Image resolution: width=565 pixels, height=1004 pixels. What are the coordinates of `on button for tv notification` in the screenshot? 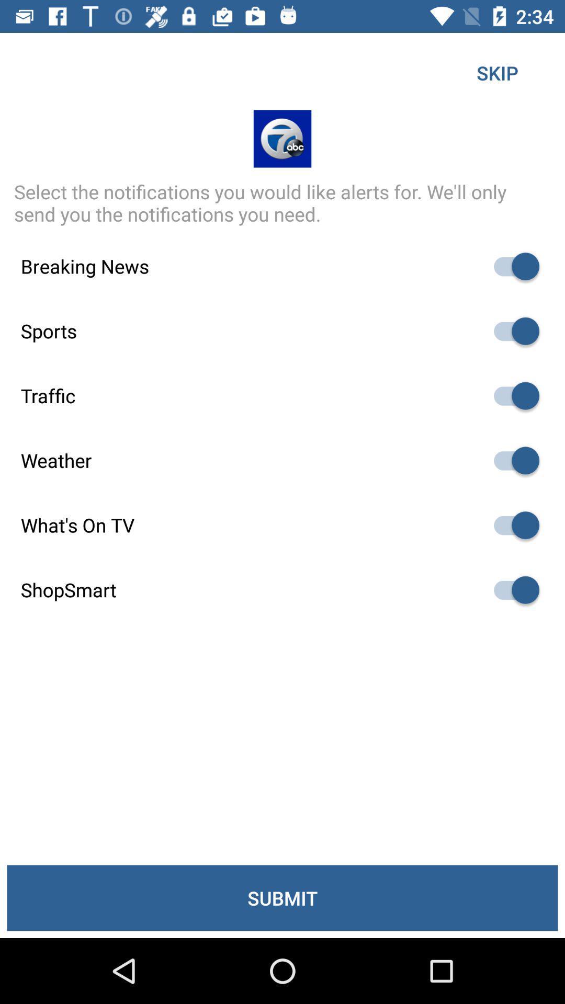 It's located at (511, 525).